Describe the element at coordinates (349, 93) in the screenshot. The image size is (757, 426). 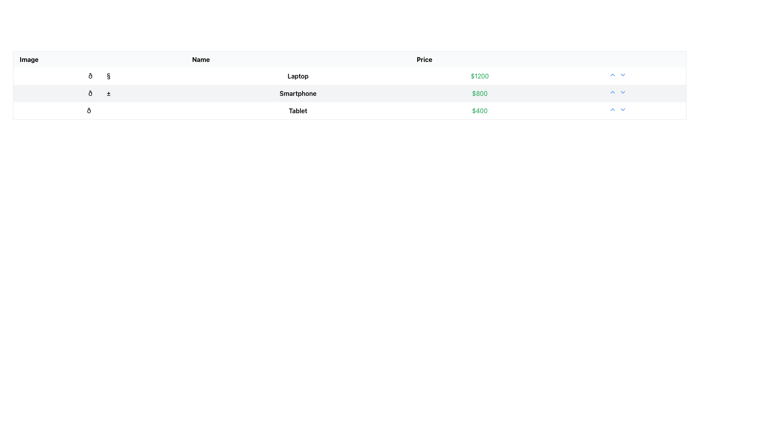
I see `the second row of the product information table, which displays the product name and price` at that location.